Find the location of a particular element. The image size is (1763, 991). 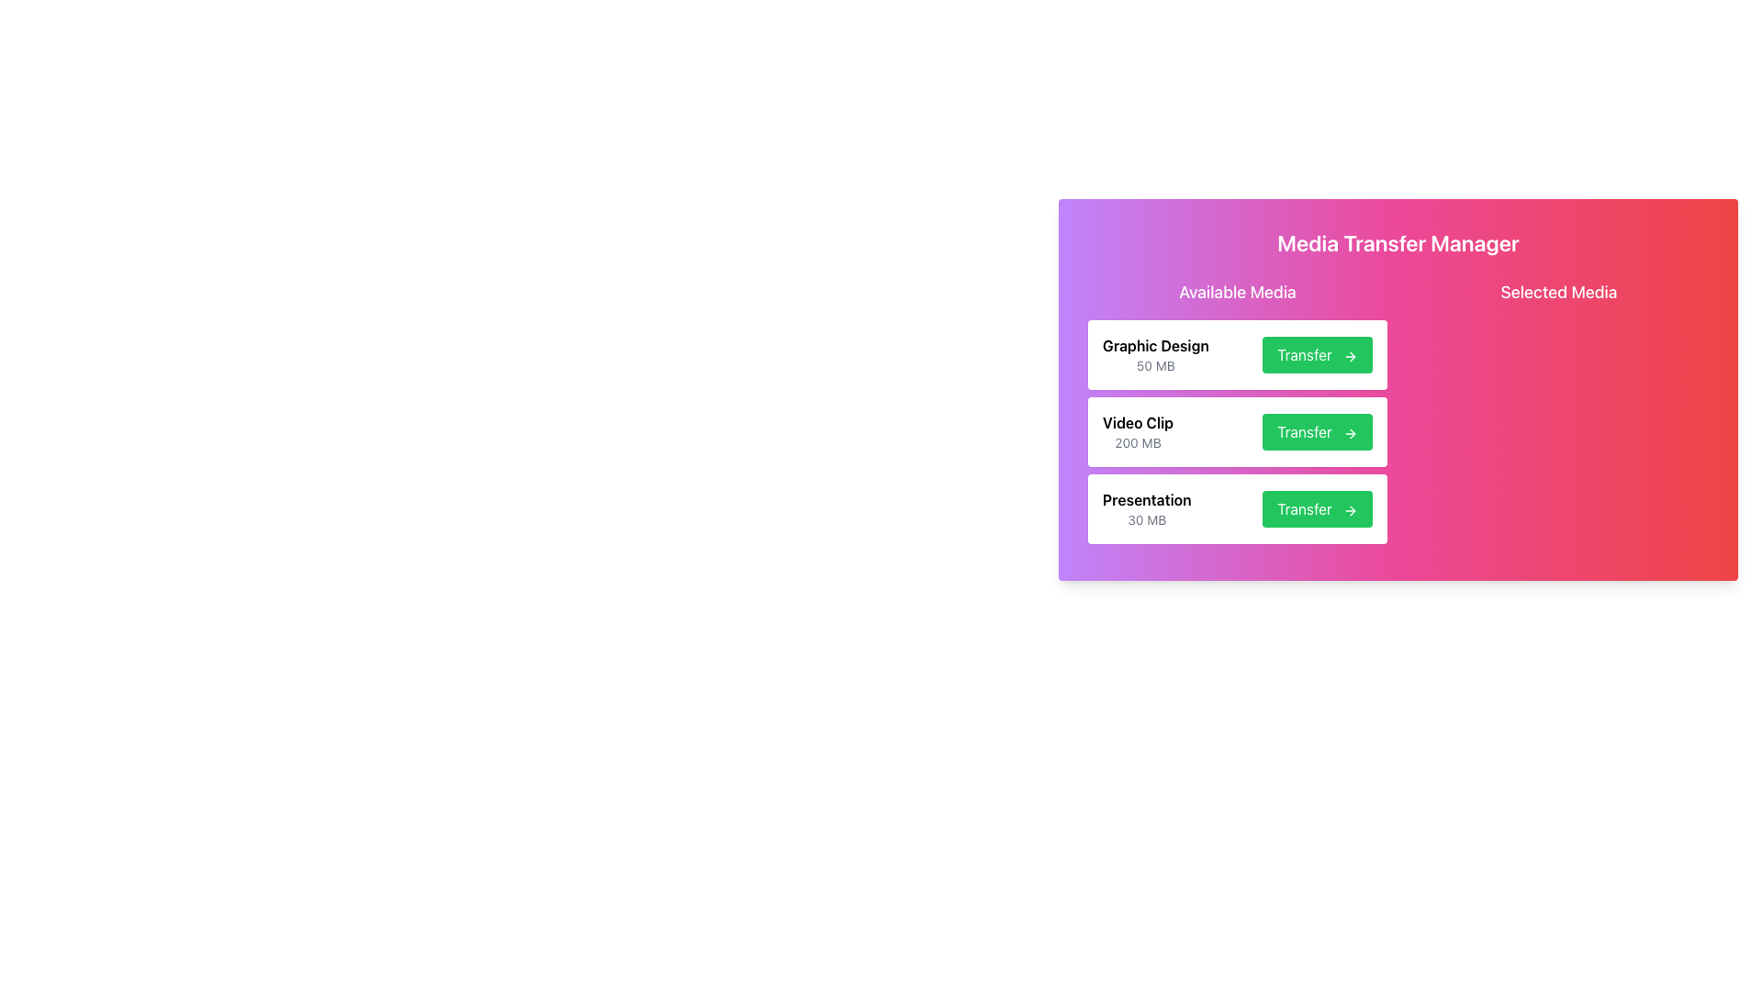

the forward arrow icon within the green 'Transfer' button of the first media item under the 'Available Media' section to initiate a transfer is located at coordinates (1350, 356).